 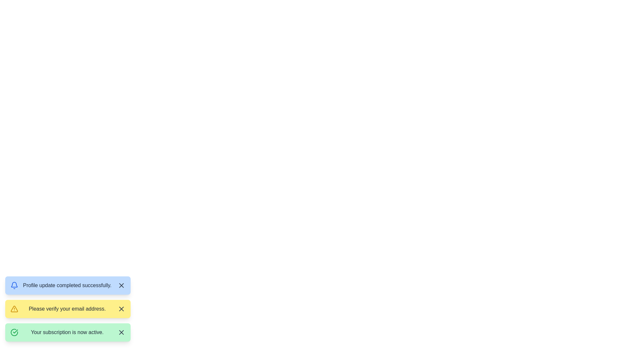 What do you see at coordinates (68, 309) in the screenshot?
I see `the close icon (an 'X') of the alert notification with a pale yellow background that says 'Please verify your email address.'` at bounding box center [68, 309].